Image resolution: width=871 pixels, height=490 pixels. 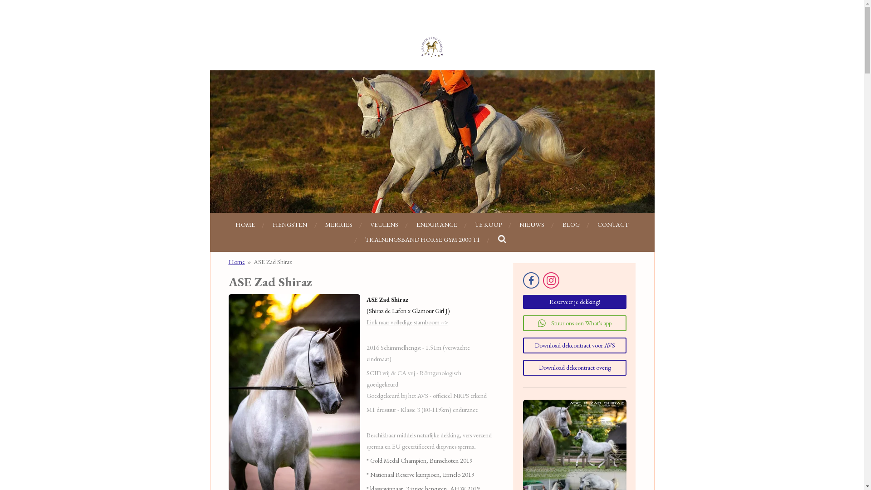 What do you see at coordinates (570, 225) in the screenshot?
I see `'BLOG'` at bounding box center [570, 225].